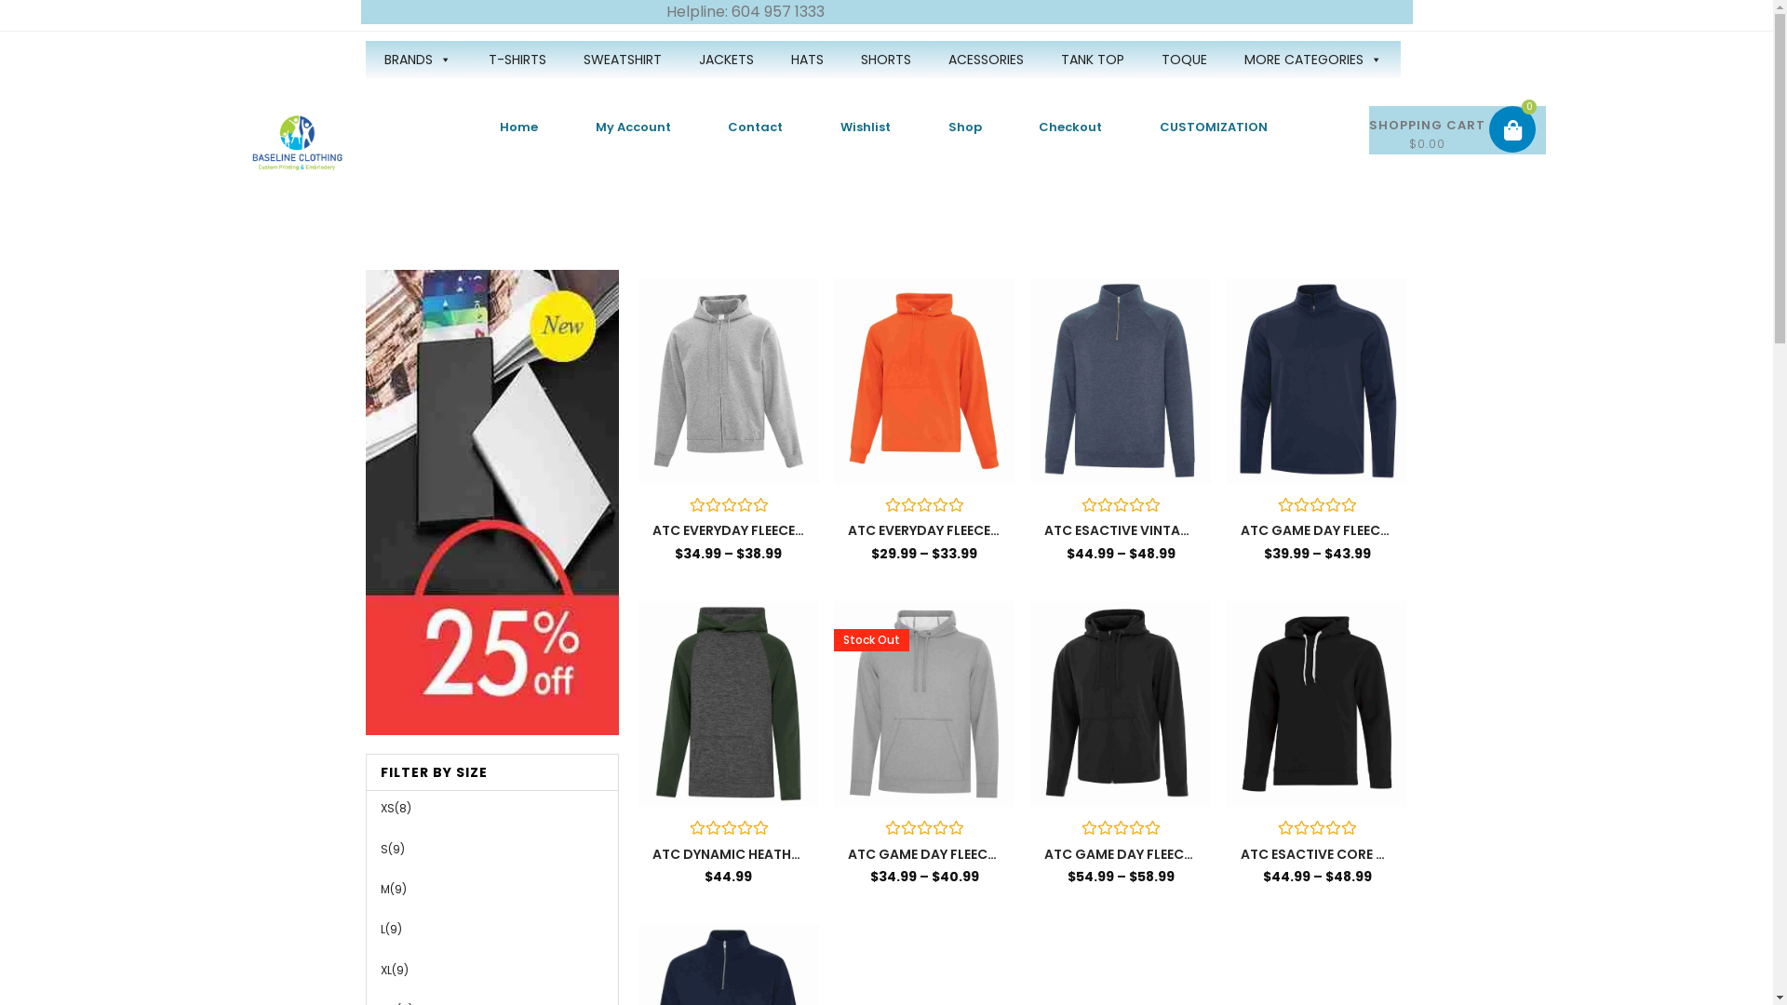 This screenshot has height=1005, width=1787. Describe the element at coordinates (984, 59) in the screenshot. I see `'ACESSORIES'` at that location.